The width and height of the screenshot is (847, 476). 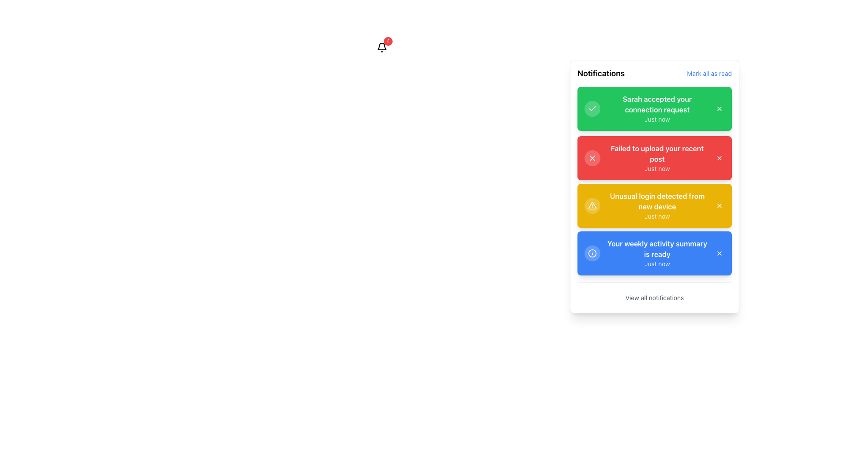 I want to click on the small circular button with an 'x' icon in the top-right corner of the green notification box that says 'Sarah accepted your connection request', so click(x=720, y=108).